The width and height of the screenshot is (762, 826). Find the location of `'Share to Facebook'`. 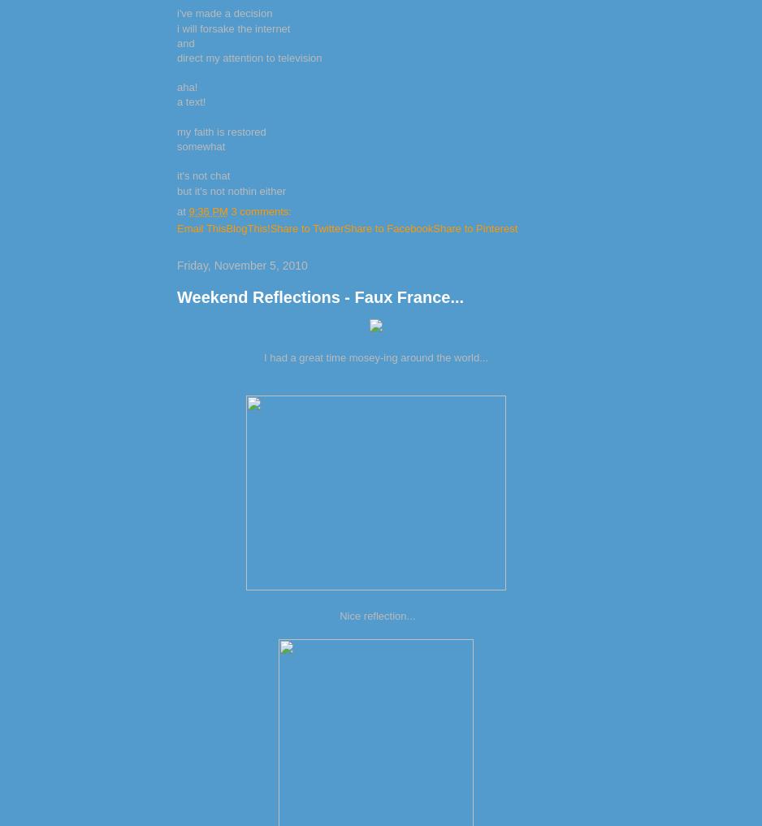

'Share to Facebook' is located at coordinates (388, 227).